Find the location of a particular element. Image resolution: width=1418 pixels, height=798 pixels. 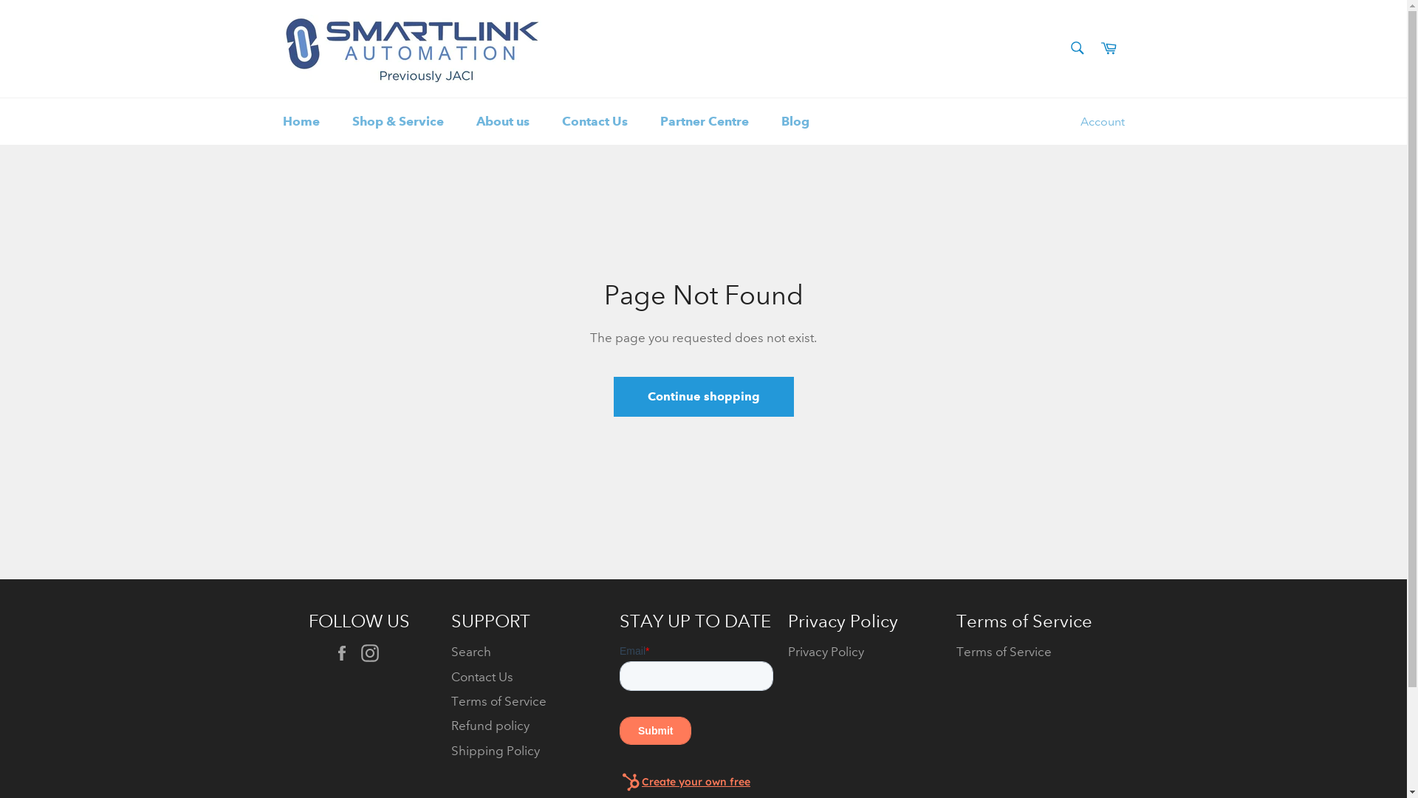

'Partner Centre' is located at coordinates (704, 120).